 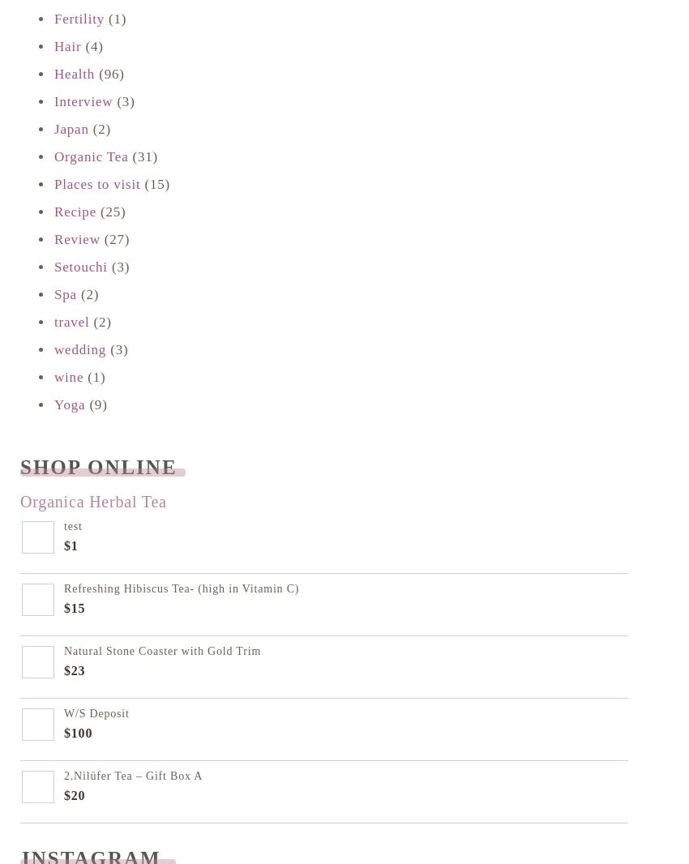 I want to click on 'Fertility', so click(x=78, y=18).